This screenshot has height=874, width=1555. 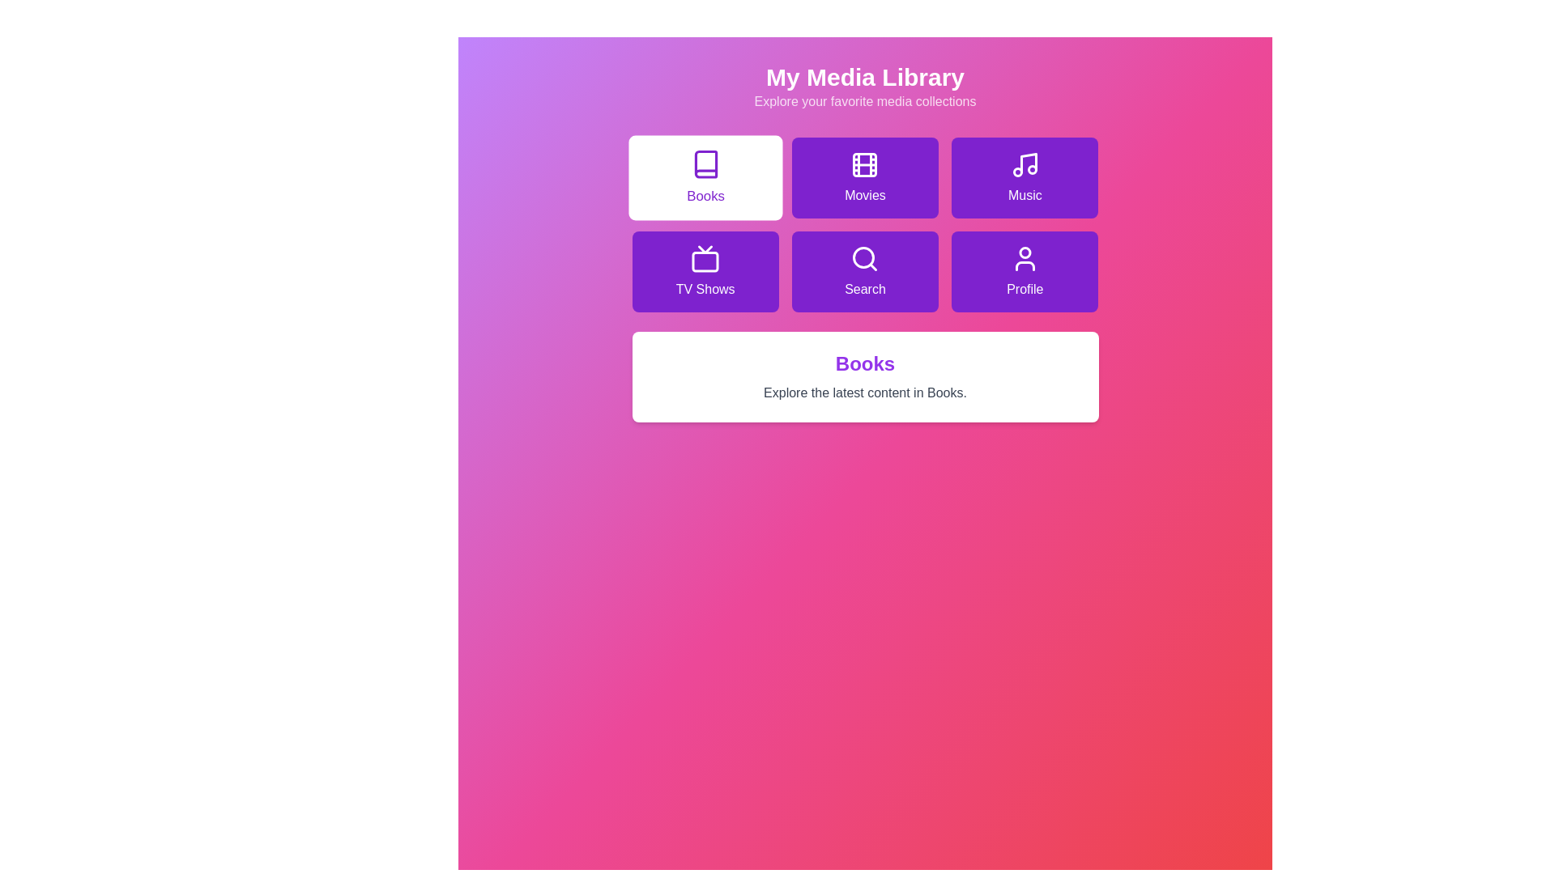 I want to click on the title text element that serves as a headline for the section, located within the white rectangular card below the grid of action tiles and above the subtitle 'Explore the latest content in Books.', so click(x=864, y=364).